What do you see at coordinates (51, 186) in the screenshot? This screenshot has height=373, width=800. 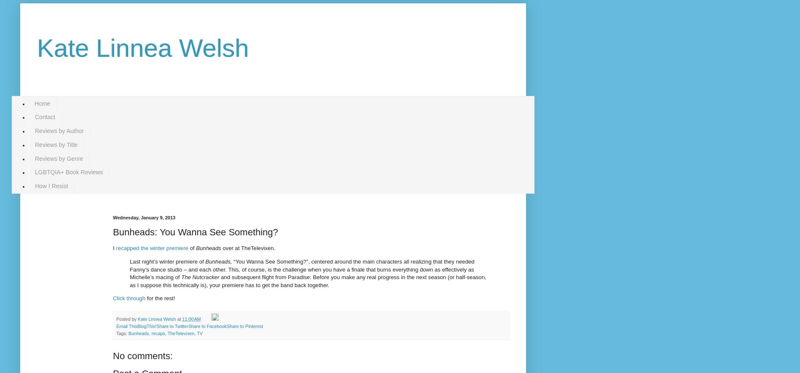 I see `'How I Resist'` at bounding box center [51, 186].